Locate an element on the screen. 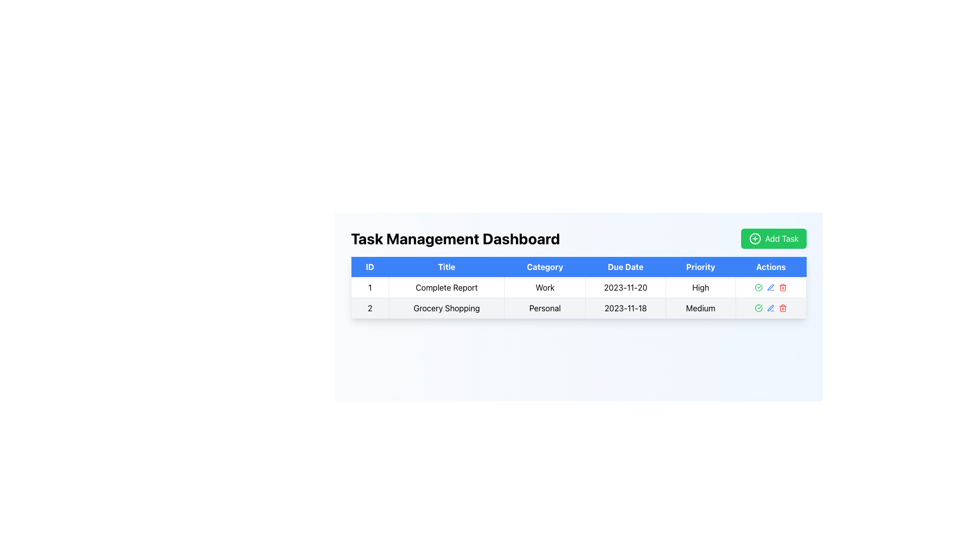 This screenshot has height=544, width=968. the arc marking the upper curved portion of the circular checkmark icon located in the 'Actions' column of the second row in the table is located at coordinates (759, 287).